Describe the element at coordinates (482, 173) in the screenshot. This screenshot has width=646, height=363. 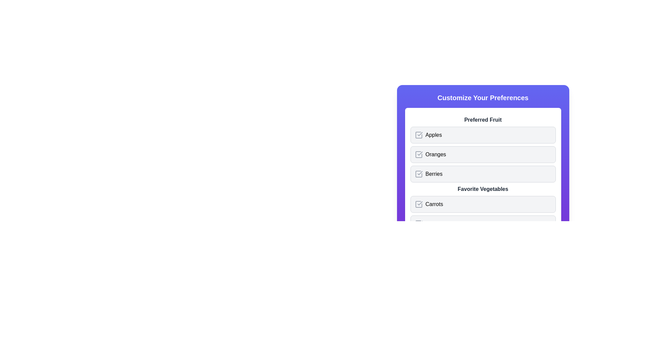
I see `the Checkbox labeled 'Berries'` at that location.